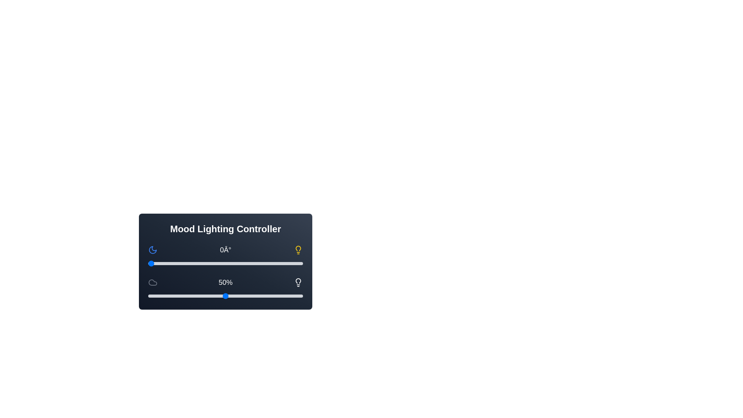 The width and height of the screenshot is (743, 418). What do you see at coordinates (270, 263) in the screenshot?
I see `the hue slider to 283 degrees` at bounding box center [270, 263].